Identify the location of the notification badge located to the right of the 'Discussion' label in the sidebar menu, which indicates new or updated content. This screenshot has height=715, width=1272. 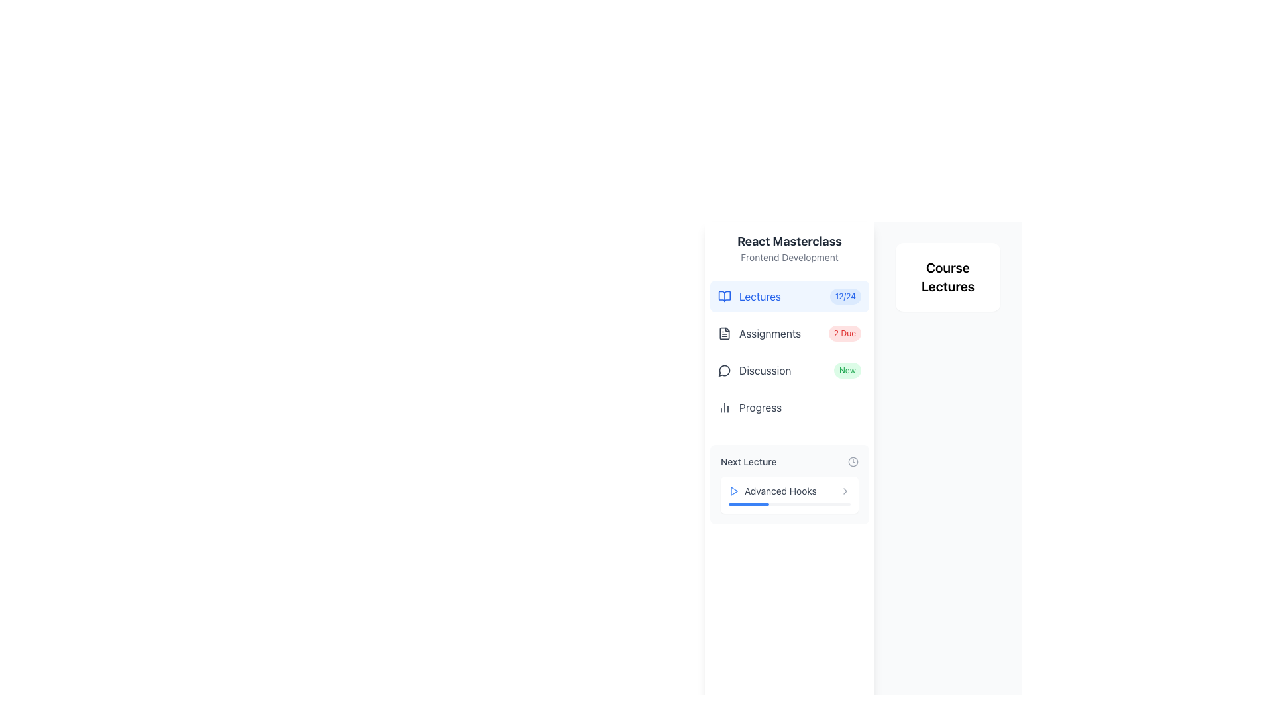
(847, 370).